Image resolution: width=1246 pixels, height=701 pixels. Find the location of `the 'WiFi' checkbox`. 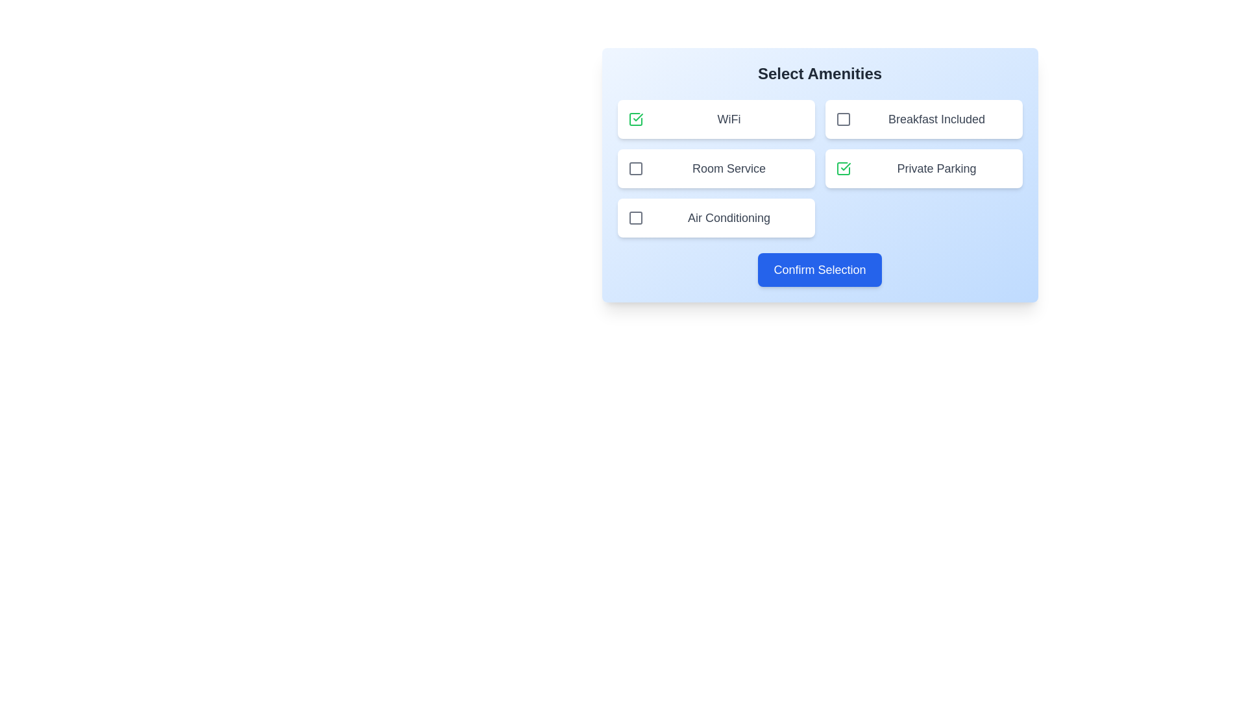

the 'WiFi' checkbox is located at coordinates (635, 119).